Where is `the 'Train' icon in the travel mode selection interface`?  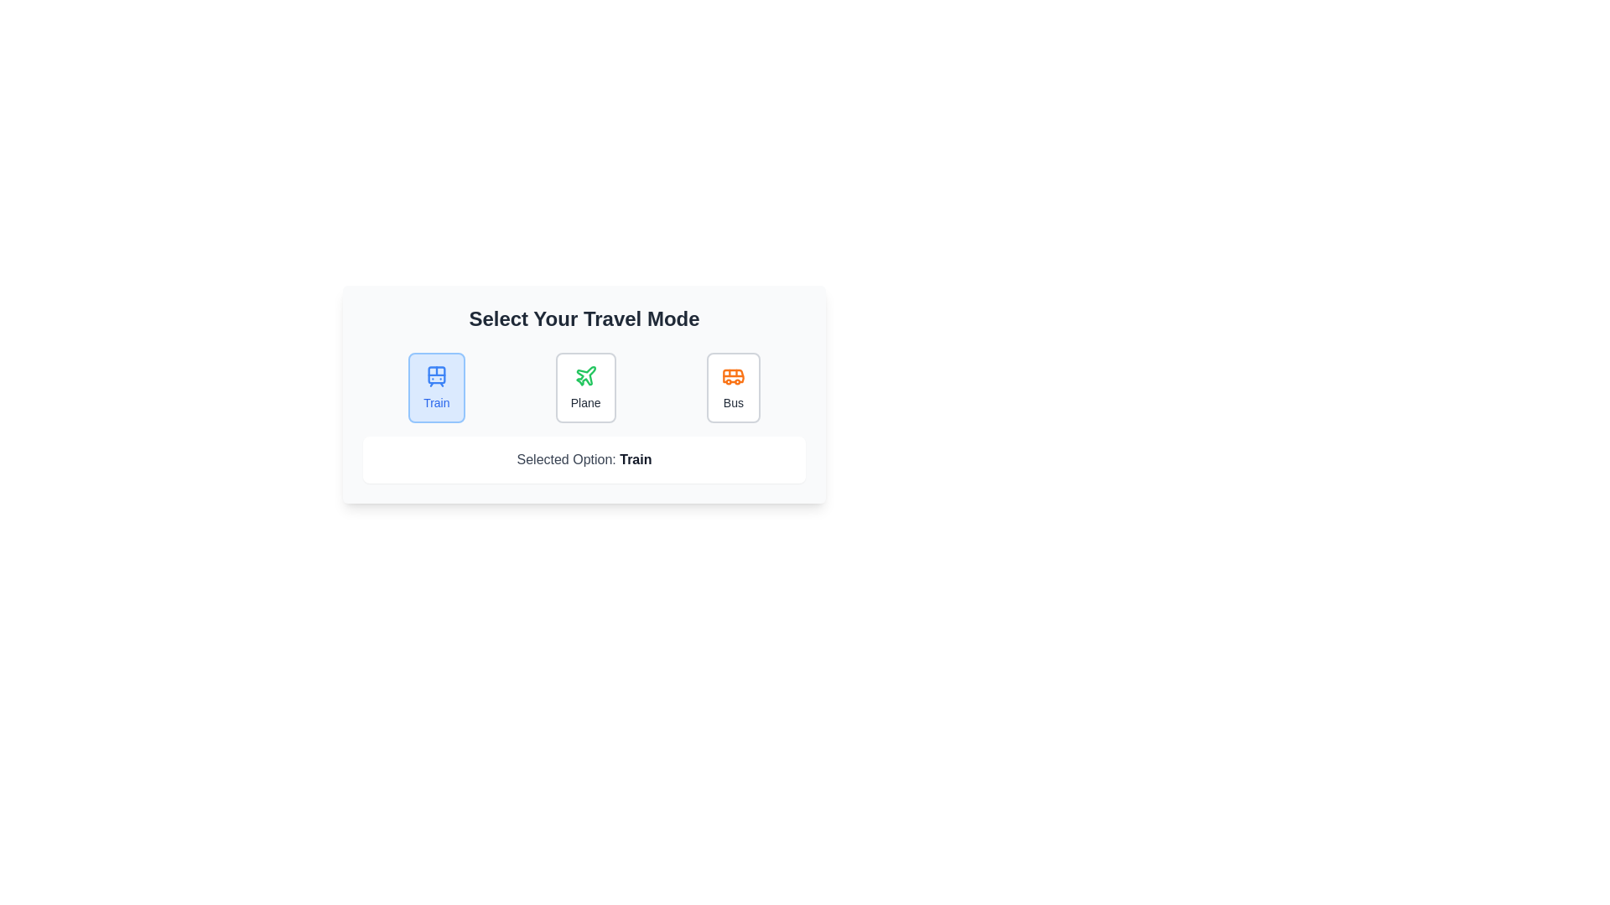 the 'Train' icon in the travel mode selection interface is located at coordinates (436, 375).